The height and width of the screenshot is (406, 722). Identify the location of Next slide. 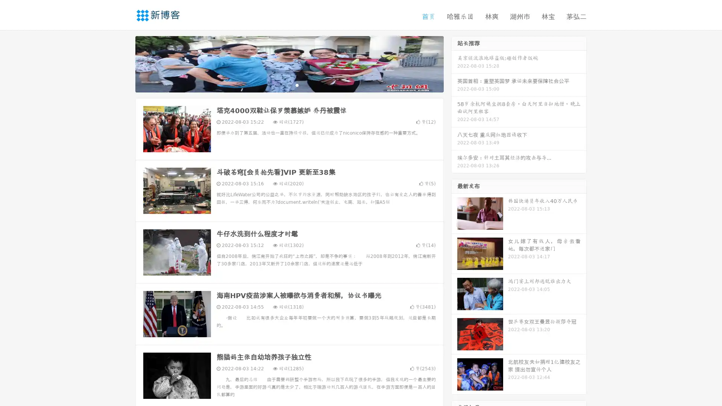
(454, 63).